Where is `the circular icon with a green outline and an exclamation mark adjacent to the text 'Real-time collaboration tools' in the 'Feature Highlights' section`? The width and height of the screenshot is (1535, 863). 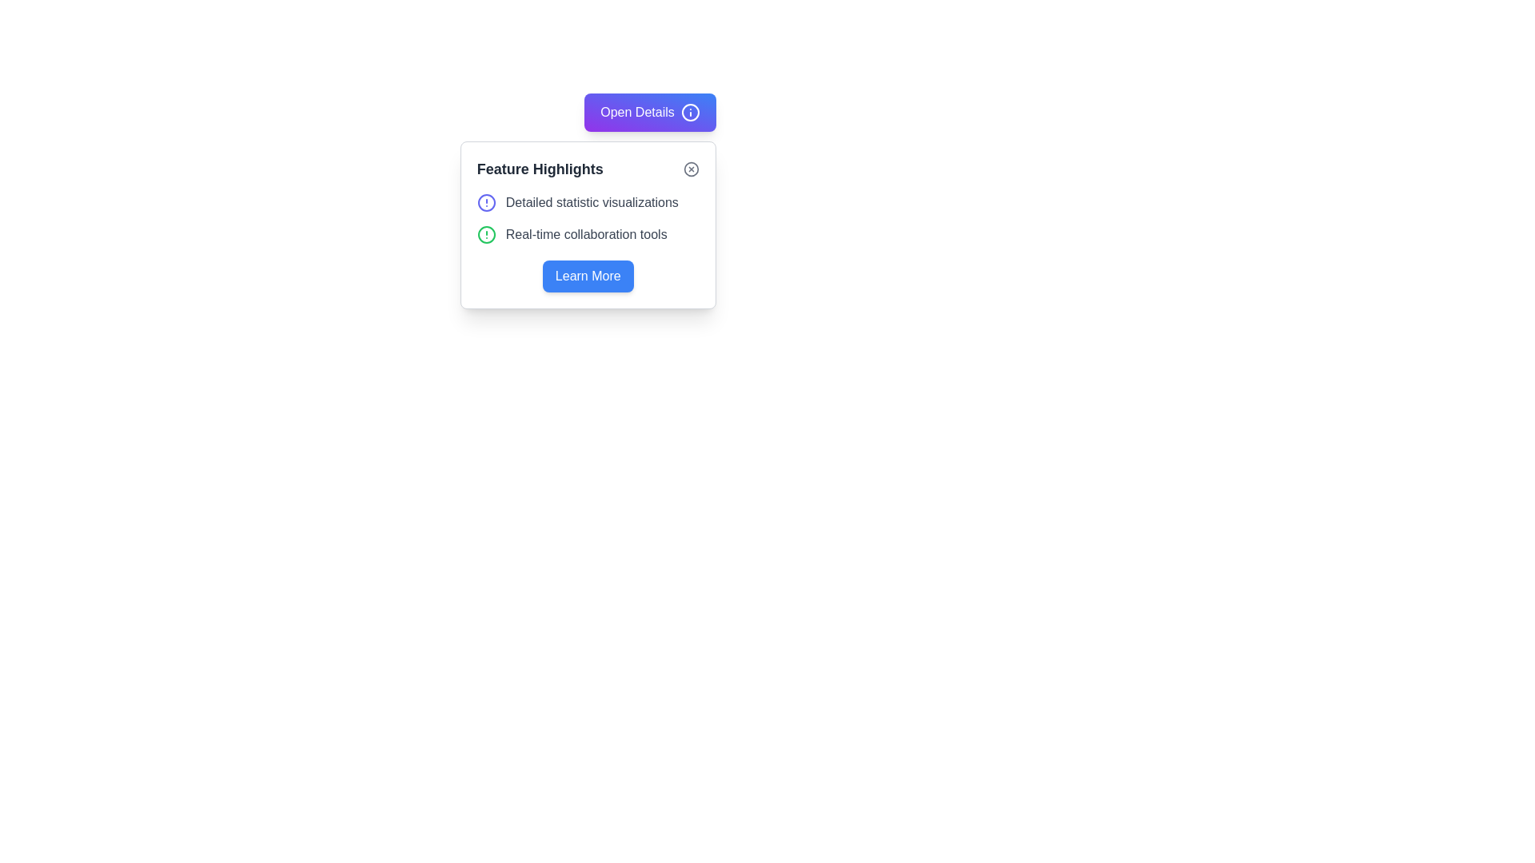 the circular icon with a green outline and an exclamation mark adjacent to the text 'Real-time collaboration tools' in the 'Feature Highlights' section is located at coordinates (485, 234).